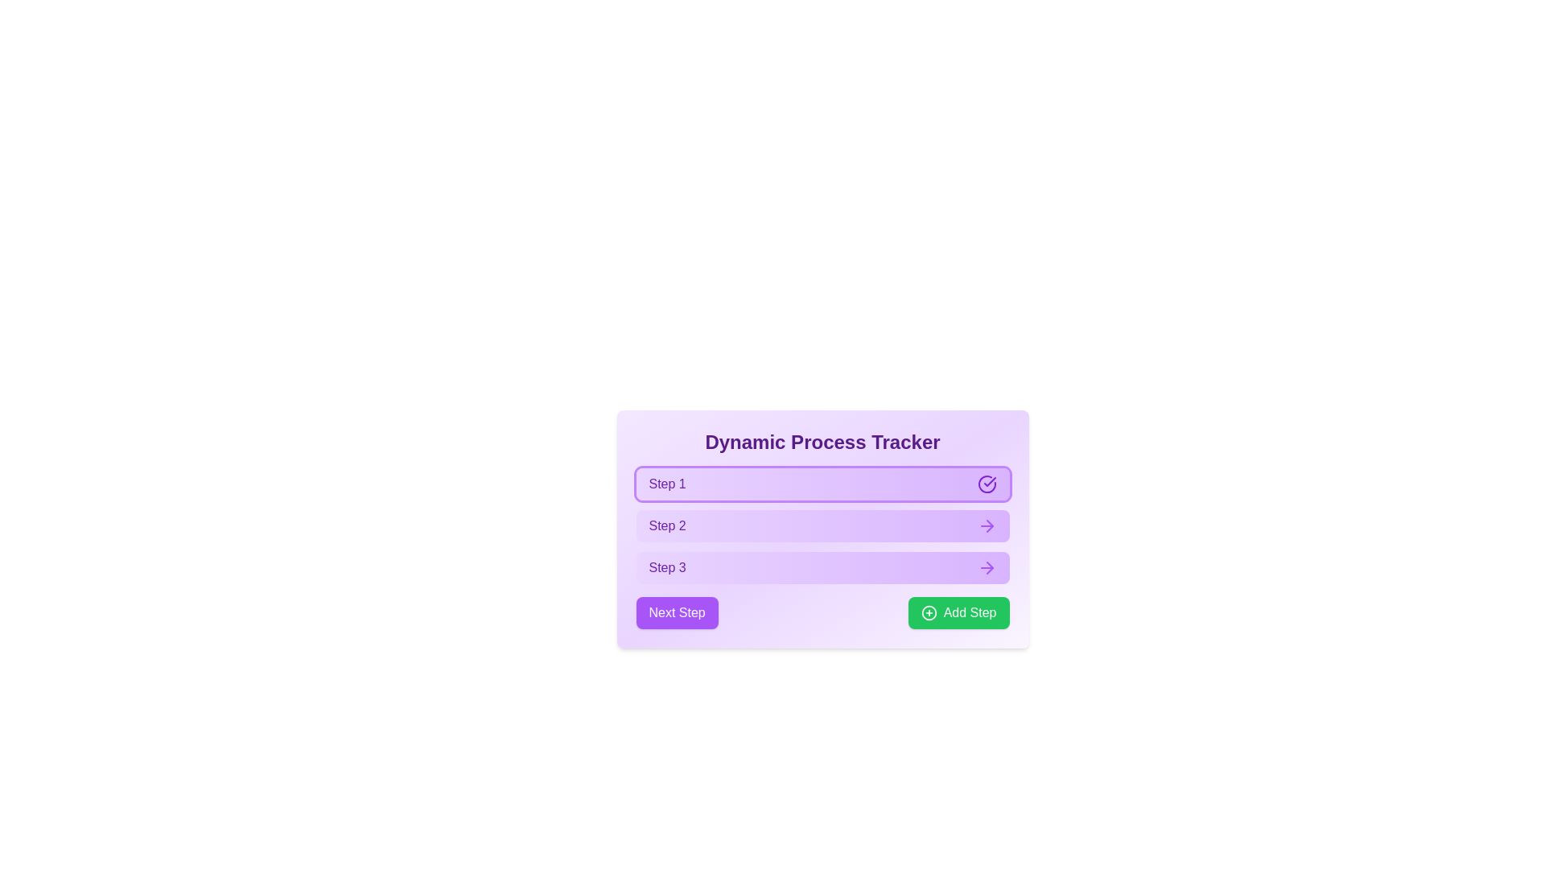 This screenshot has height=869, width=1545. What do you see at coordinates (822, 526) in the screenshot?
I see `the 'Step 2' button in the sequential guide, which is the second item in a vertical list of three steps` at bounding box center [822, 526].